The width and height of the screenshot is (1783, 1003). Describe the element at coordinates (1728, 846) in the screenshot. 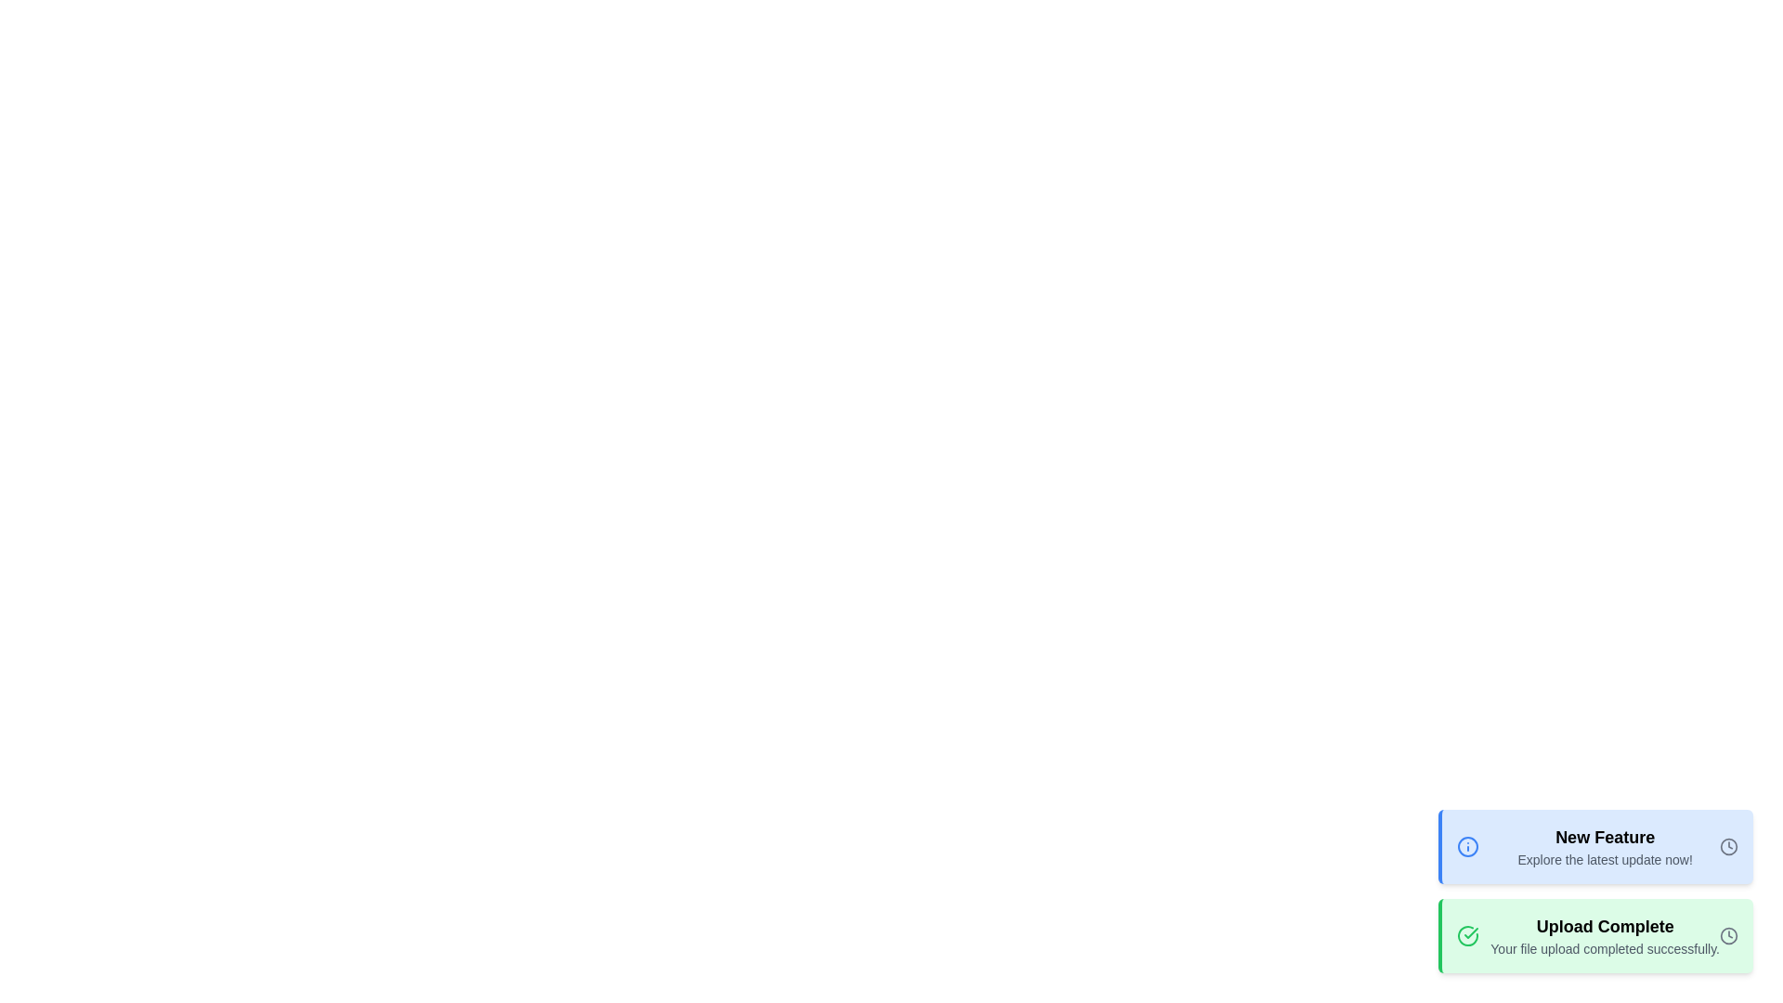

I see `the dismiss button of the notification` at that location.